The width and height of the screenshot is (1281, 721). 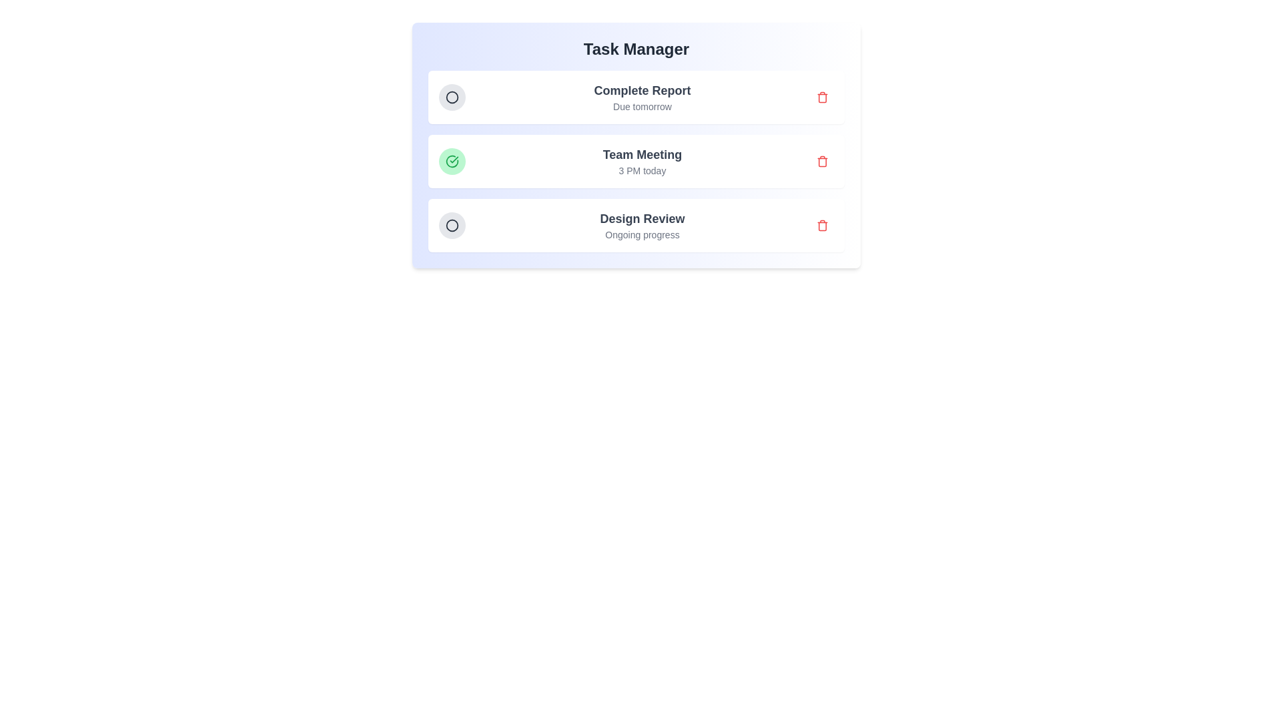 I want to click on the delete icon button located at the far right of the row associated with the 'Complete Report' task, so click(x=822, y=97).